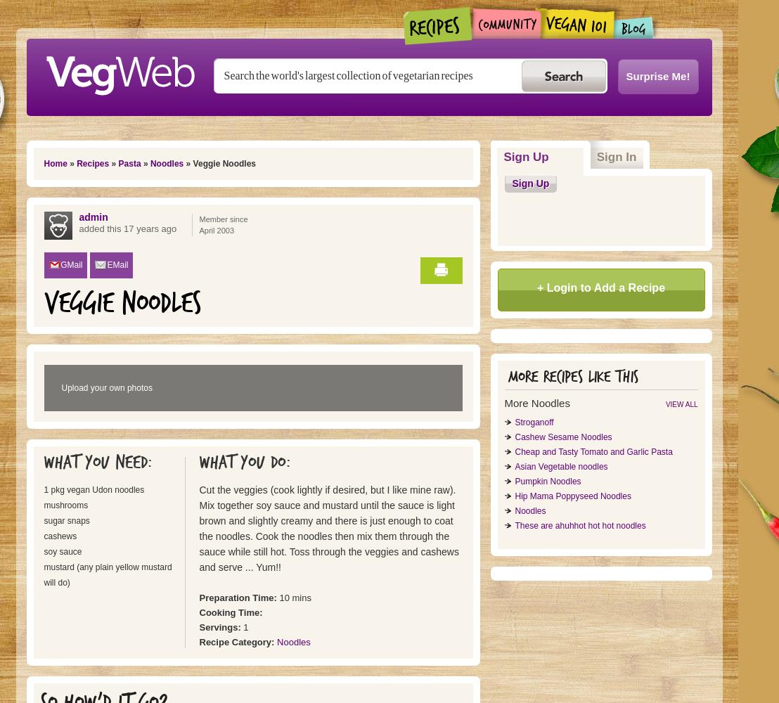 Image resolution: width=779 pixels, height=703 pixels. Describe the element at coordinates (681, 404) in the screenshot. I see `'View all'` at that location.